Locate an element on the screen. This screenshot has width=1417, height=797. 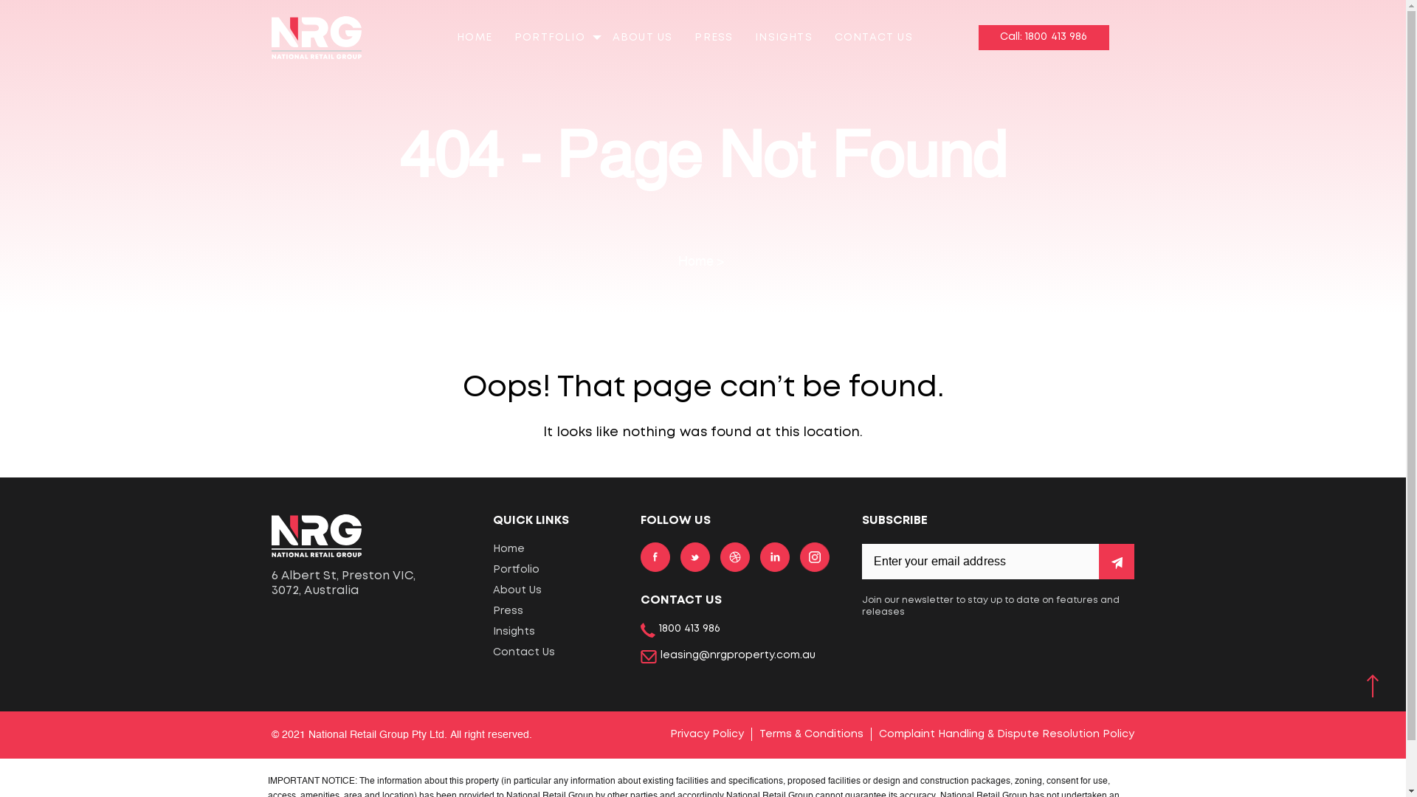
'Press' is located at coordinates (492, 611).